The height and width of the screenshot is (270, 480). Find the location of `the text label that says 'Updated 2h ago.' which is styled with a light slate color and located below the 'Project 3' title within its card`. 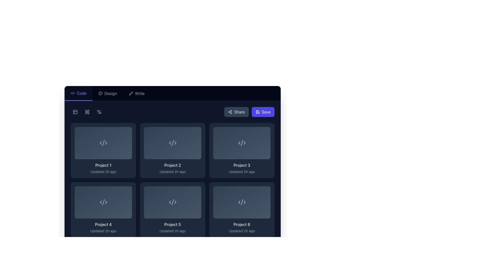

the text label that says 'Updated 2h ago.' which is styled with a light slate color and located below the 'Project 3' title within its card is located at coordinates (242, 171).